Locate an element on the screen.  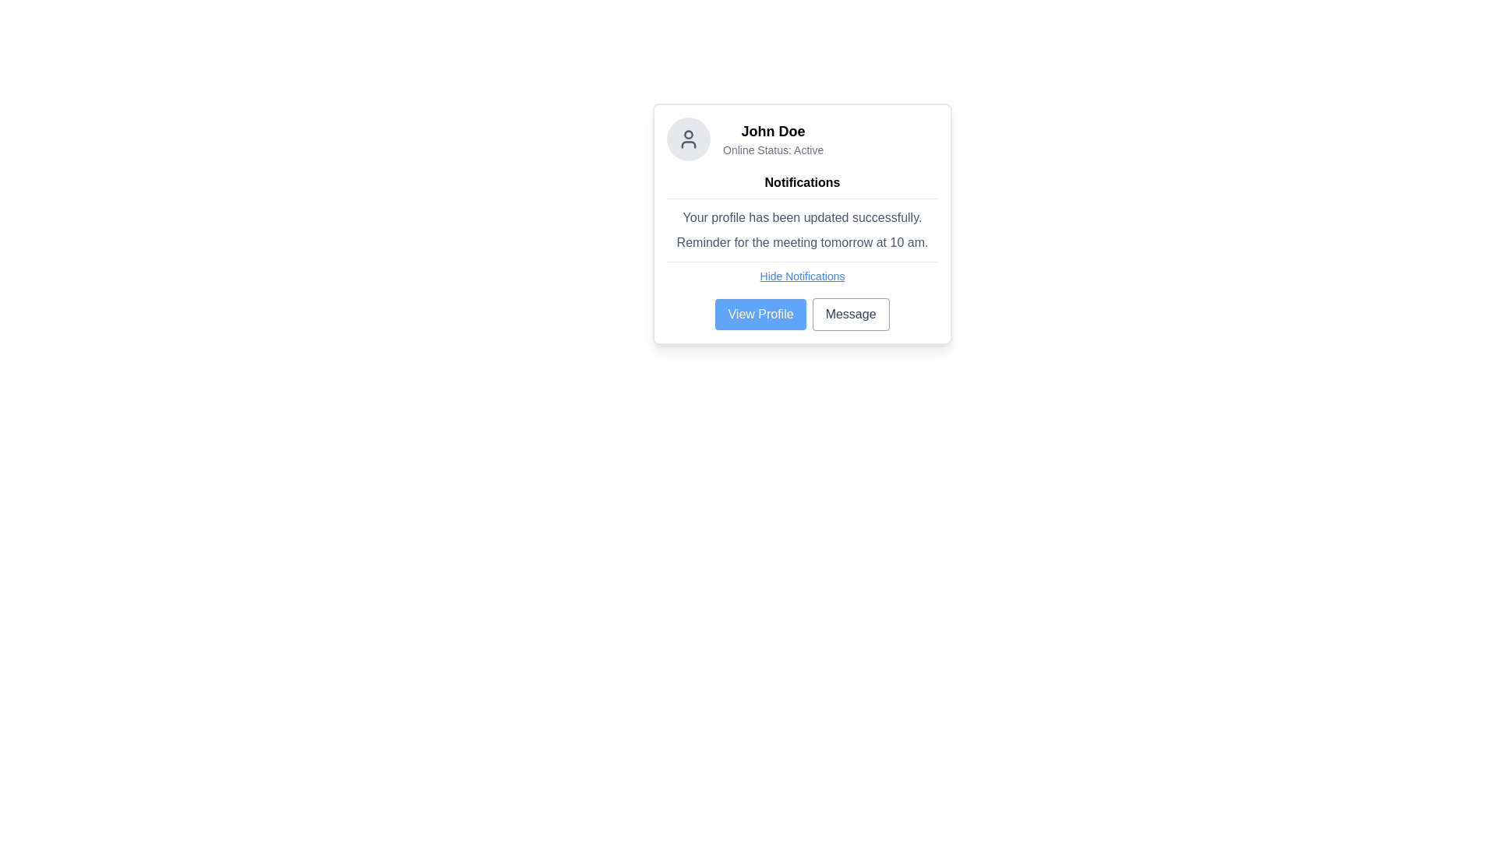
the non-interactive text display in the notification panel that informs the user about updates or reminders, located beneath the title 'Notifications' and above the link 'Hide Notifications' is located at coordinates (803, 230).